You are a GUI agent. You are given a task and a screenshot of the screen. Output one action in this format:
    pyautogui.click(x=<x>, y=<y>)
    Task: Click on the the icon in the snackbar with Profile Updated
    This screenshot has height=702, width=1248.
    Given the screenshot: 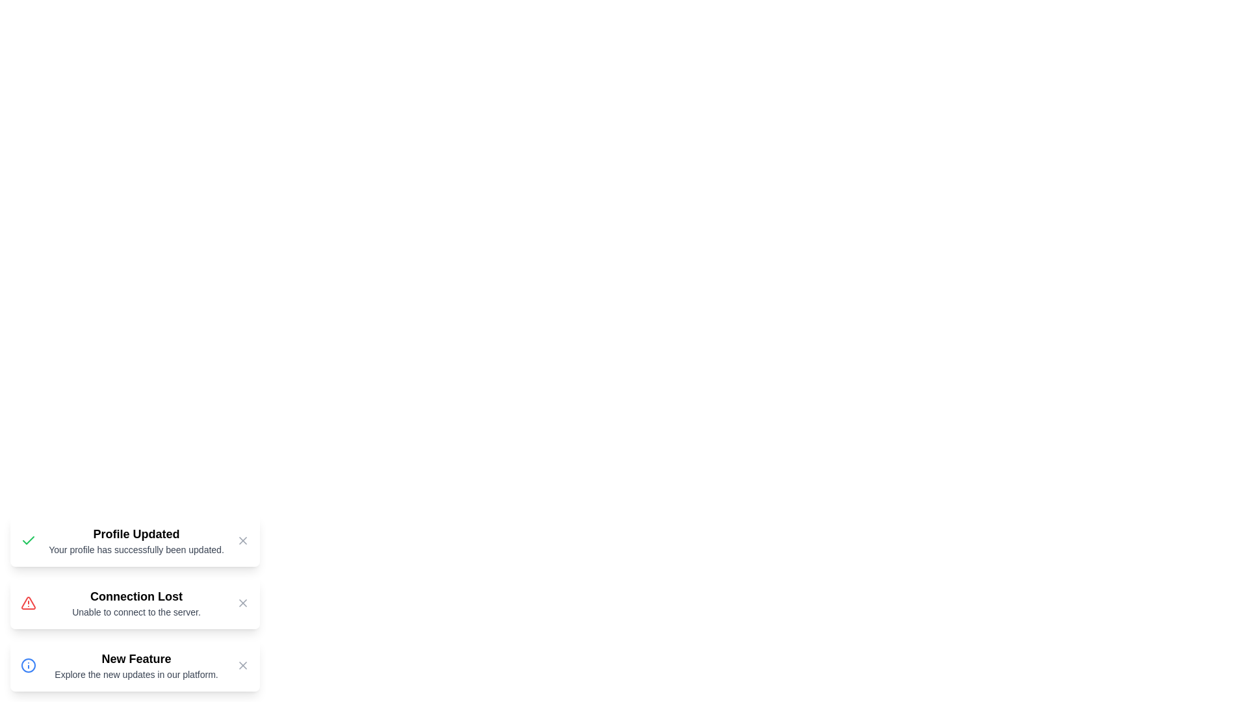 What is the action you would take?
    pyautogui.click(x=28, y=541)
    